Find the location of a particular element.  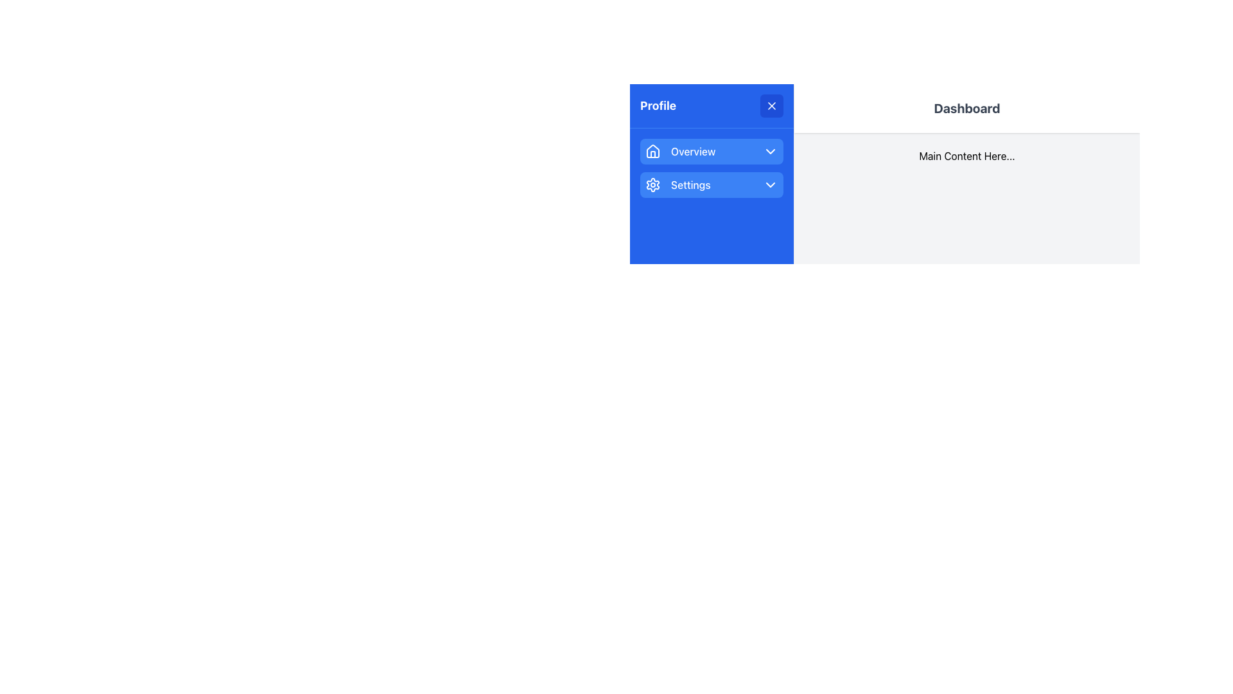

the settings icon, which is a cogwheel shape on a blue background, located to the left of the 'Settings' text in the sidebar is located at coordinates (653, 185).